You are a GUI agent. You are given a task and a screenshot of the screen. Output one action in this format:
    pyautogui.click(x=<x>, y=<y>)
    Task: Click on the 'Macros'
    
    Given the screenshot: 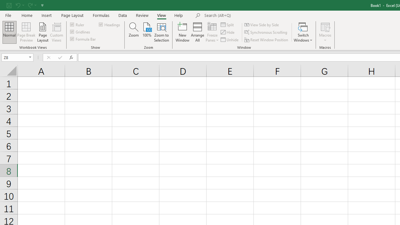 What is the action you would take?
    pyautogui.click(x=325, y=32)
    